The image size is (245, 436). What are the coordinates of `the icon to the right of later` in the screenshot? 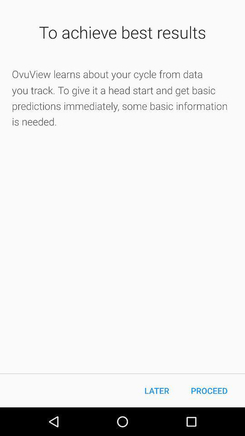 It's located at (209, 390).